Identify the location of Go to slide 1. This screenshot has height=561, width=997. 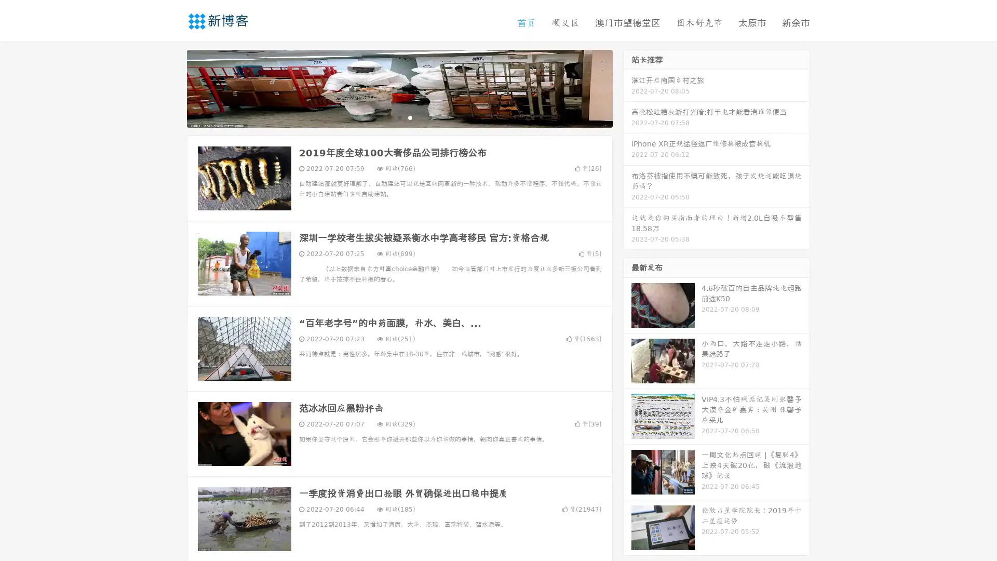
(388, 117).